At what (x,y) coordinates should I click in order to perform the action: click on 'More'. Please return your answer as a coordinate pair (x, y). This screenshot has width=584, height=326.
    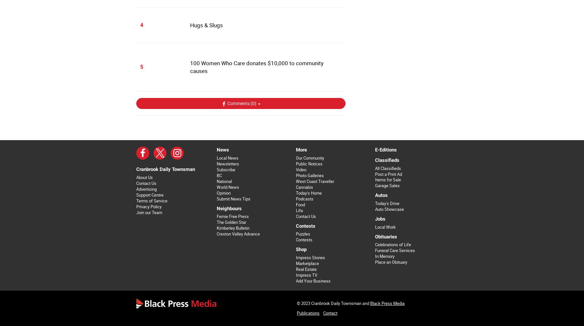
    Looking at the image, I should click on (301, 150).